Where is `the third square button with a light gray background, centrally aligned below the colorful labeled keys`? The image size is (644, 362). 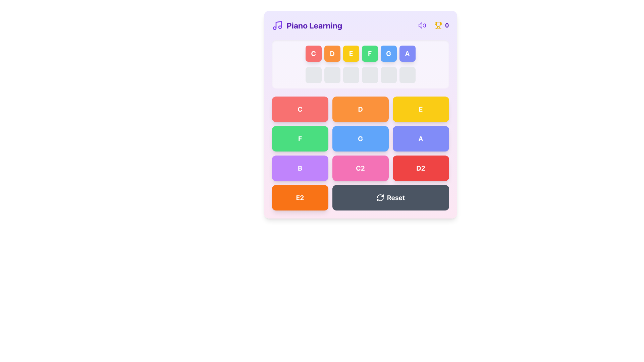
the third square button with a light gray background, centrally aligned below the colorful labeled keys is located at coordinates (351, 75).